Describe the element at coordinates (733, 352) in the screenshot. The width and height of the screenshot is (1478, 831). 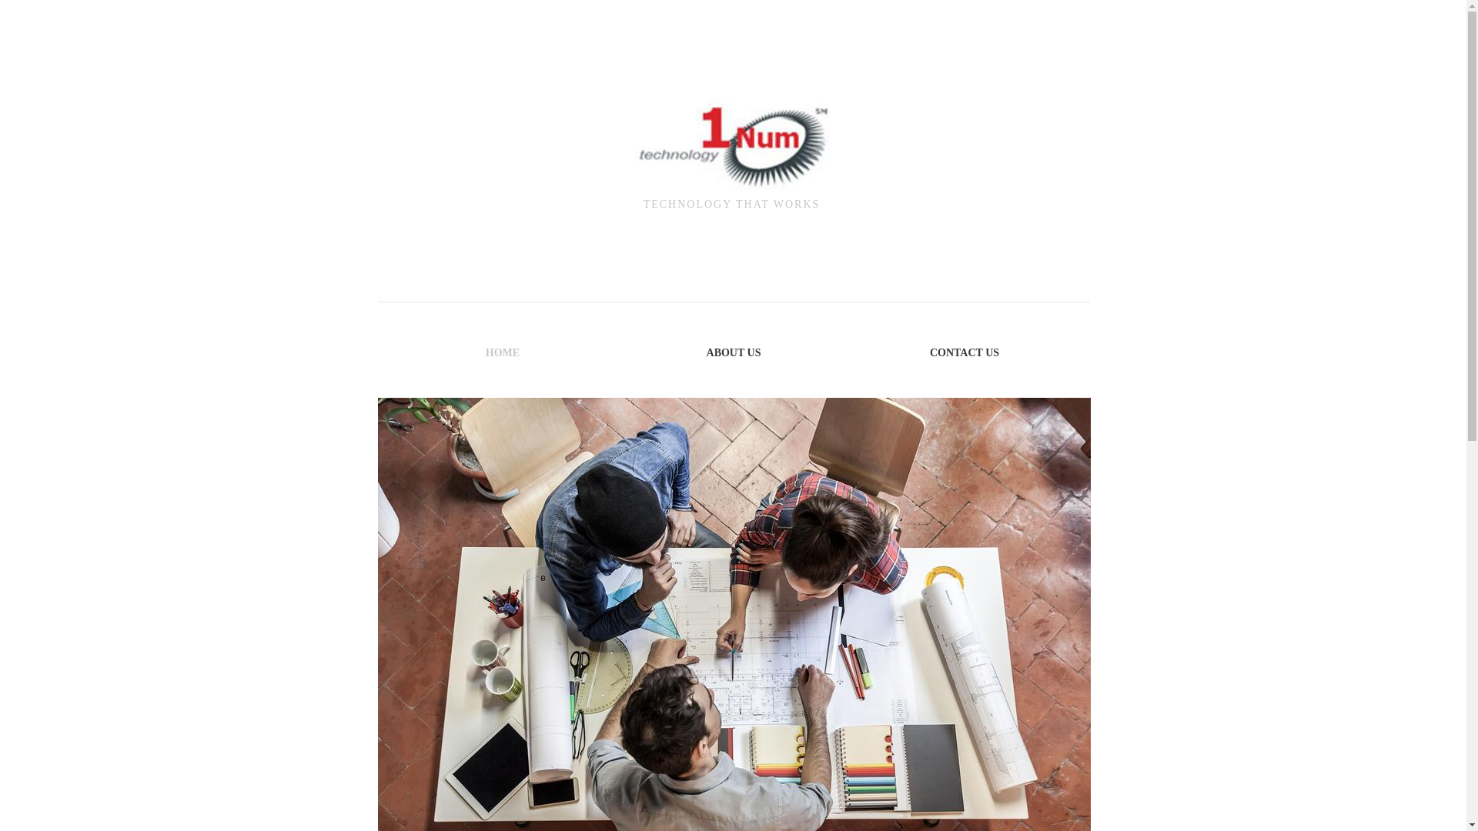
I see `'ABOUT US'` at that location.